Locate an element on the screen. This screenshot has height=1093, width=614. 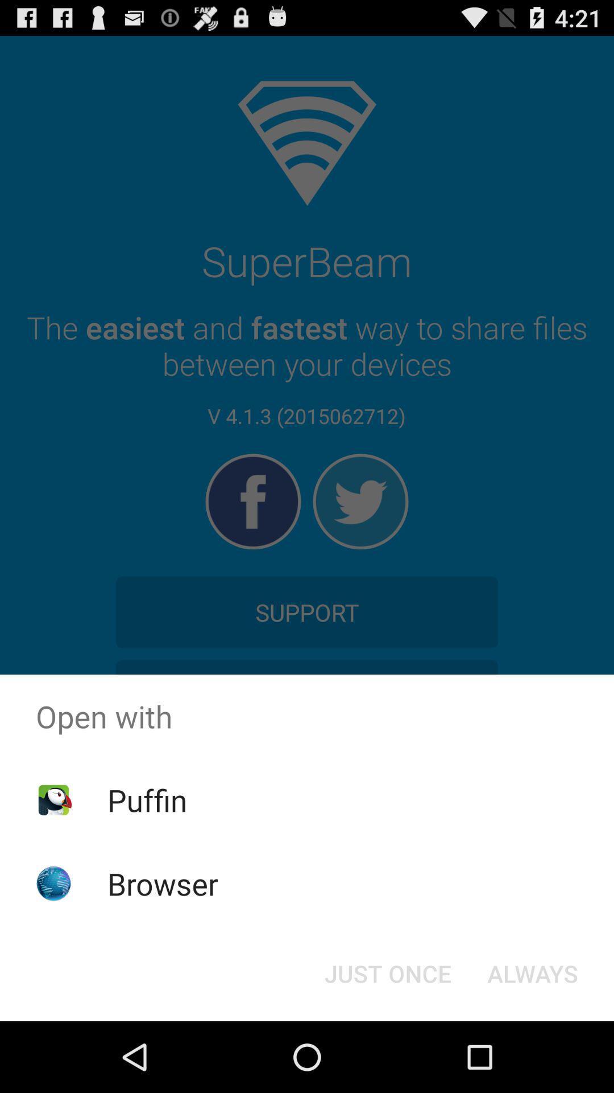
icon at the bottom right corner is located at coordinates (533, 972).